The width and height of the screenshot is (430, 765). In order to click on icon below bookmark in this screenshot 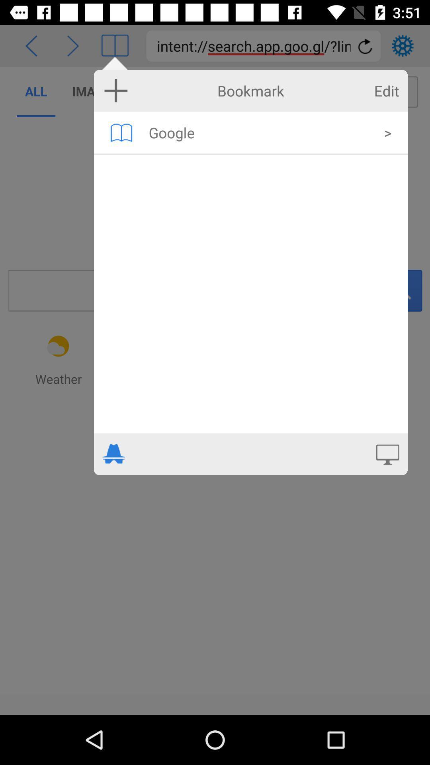, I will do `click(121, 132)`.